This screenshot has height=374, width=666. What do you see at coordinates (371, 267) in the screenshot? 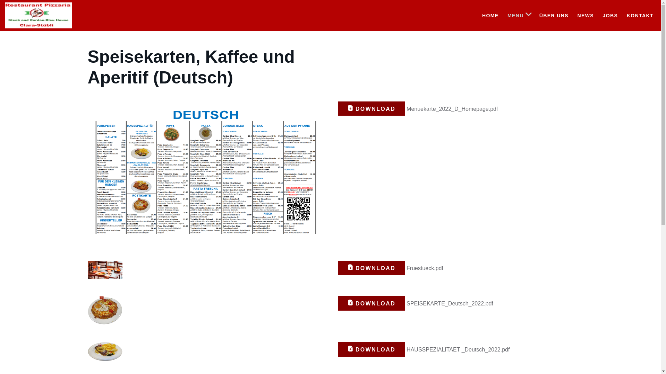
I see `'DOWNLOAD'` at bounding box center [371, 267].